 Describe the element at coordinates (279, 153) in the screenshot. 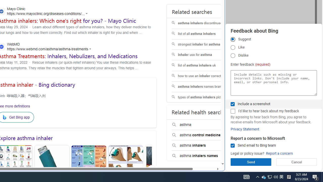

I see `'Report a concern'` at that location.